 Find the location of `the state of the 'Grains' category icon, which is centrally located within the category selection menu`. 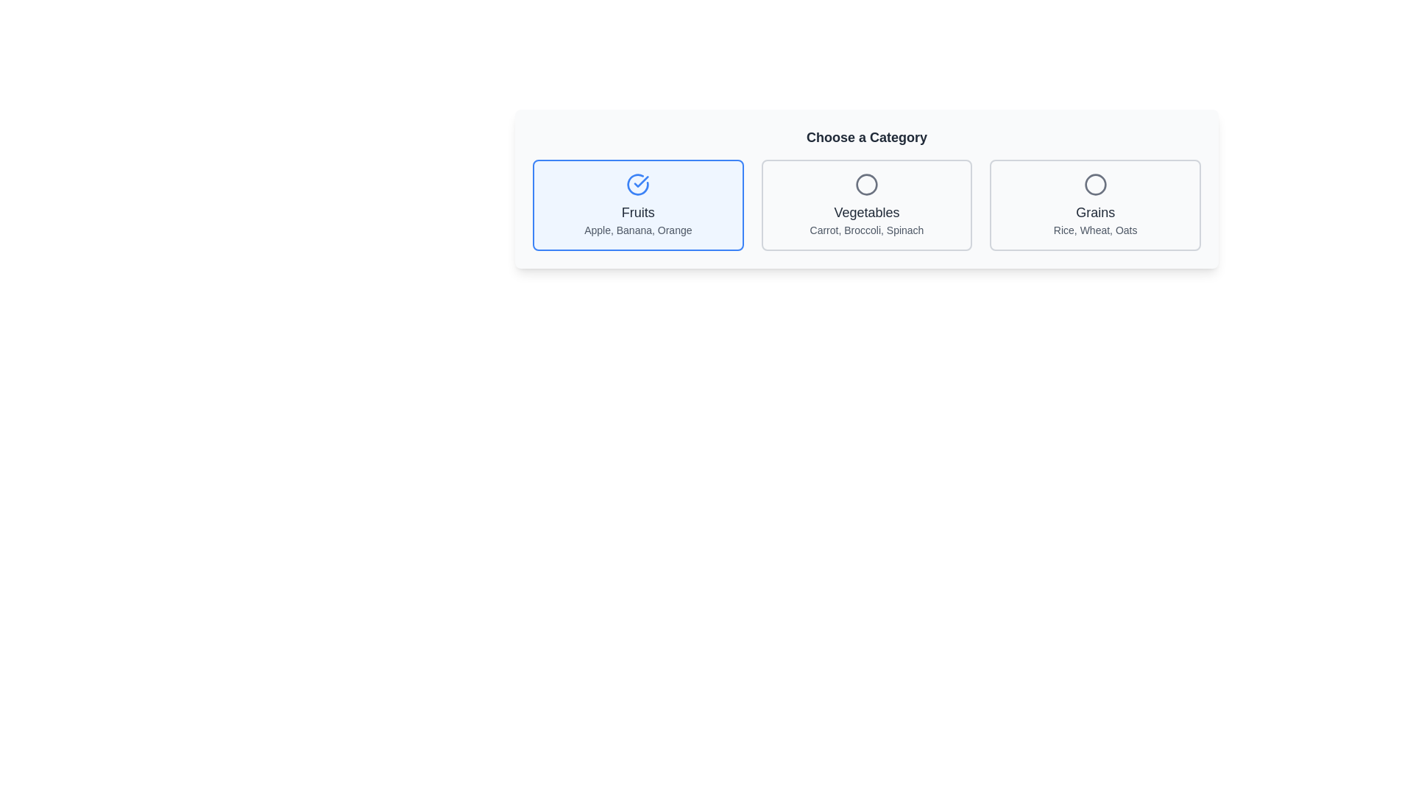

the state of the 'Grains' category icon, which is centrally located within the category selection menu is located at coordinates (1095, 183).